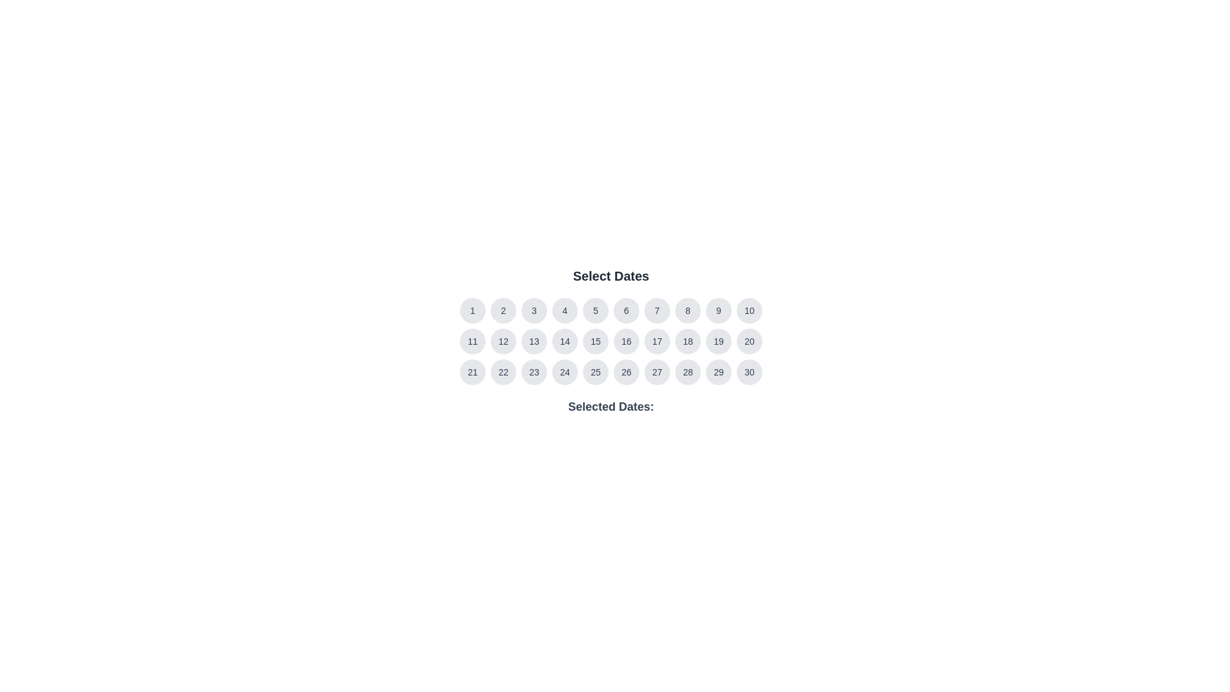  Describe the element at coordinates (534, 311) in the screenshot. I see `the third circular button in the grid, which represents the date '3'` at that location.